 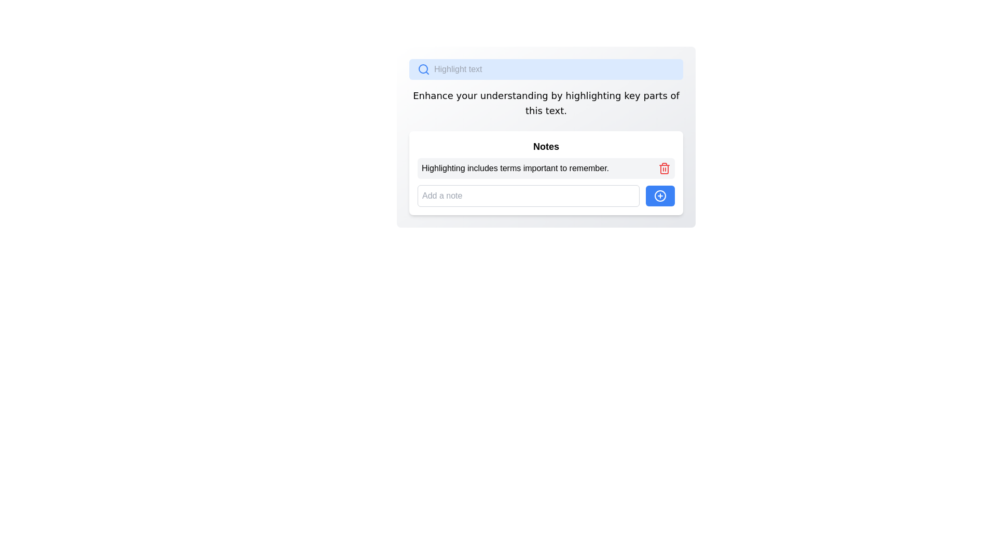 I want to click on the caret located between the letters 'r' and 'u' in the word 'your', so click(x=478, y=95).